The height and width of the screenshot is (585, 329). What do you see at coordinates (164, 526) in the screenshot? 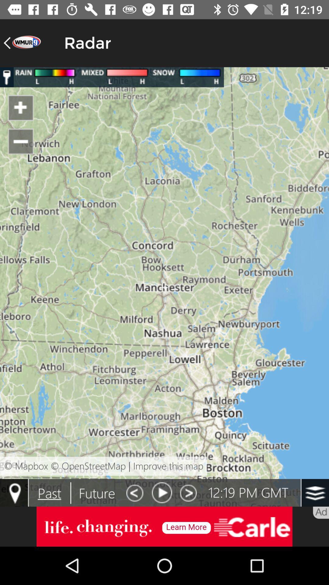
I see `advert pop up` at bounding box center [164, 526].